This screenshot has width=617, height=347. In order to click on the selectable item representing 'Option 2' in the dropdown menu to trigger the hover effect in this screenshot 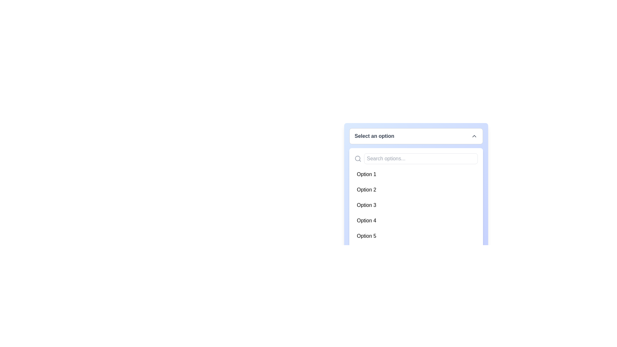, I will do `click(416, 189)`.